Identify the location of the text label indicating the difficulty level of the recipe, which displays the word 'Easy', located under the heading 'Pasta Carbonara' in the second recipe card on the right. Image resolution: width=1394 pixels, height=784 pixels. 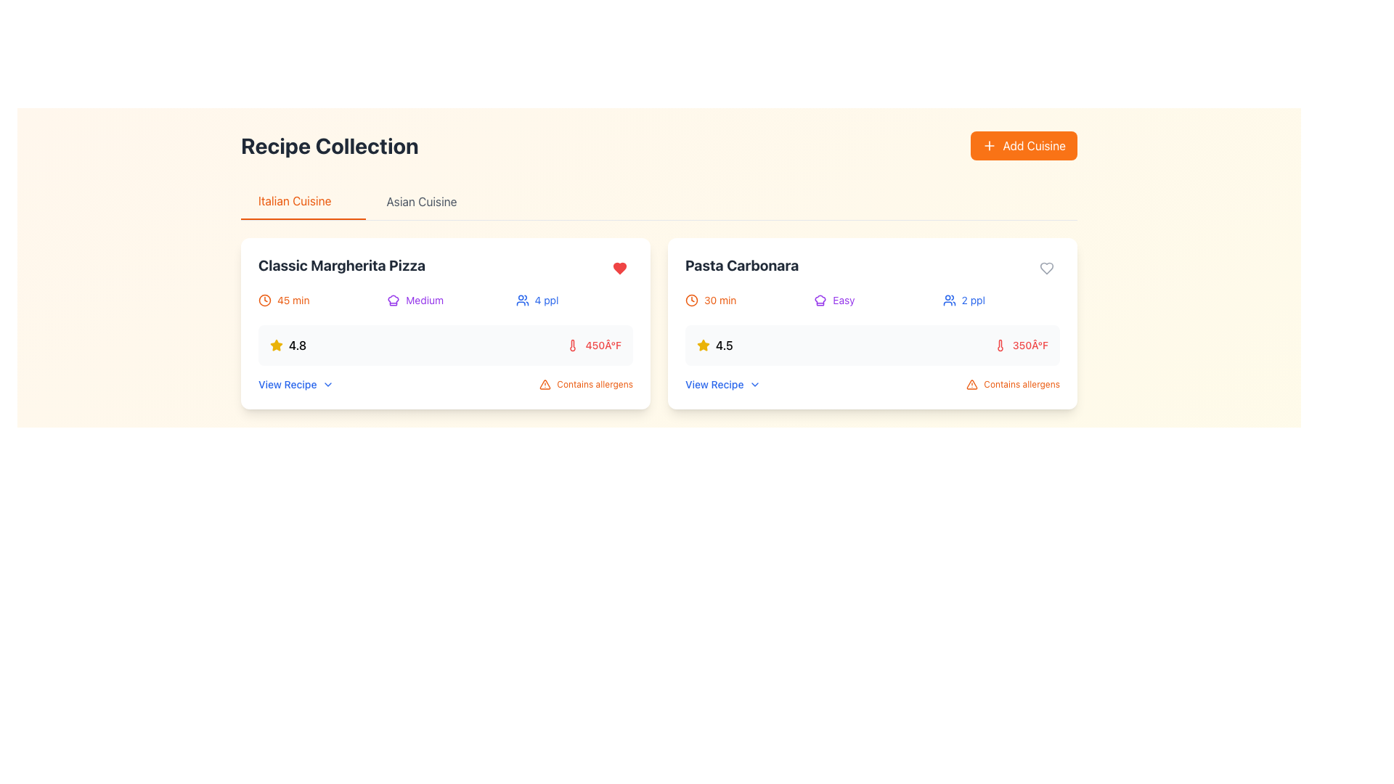
(844, 299).